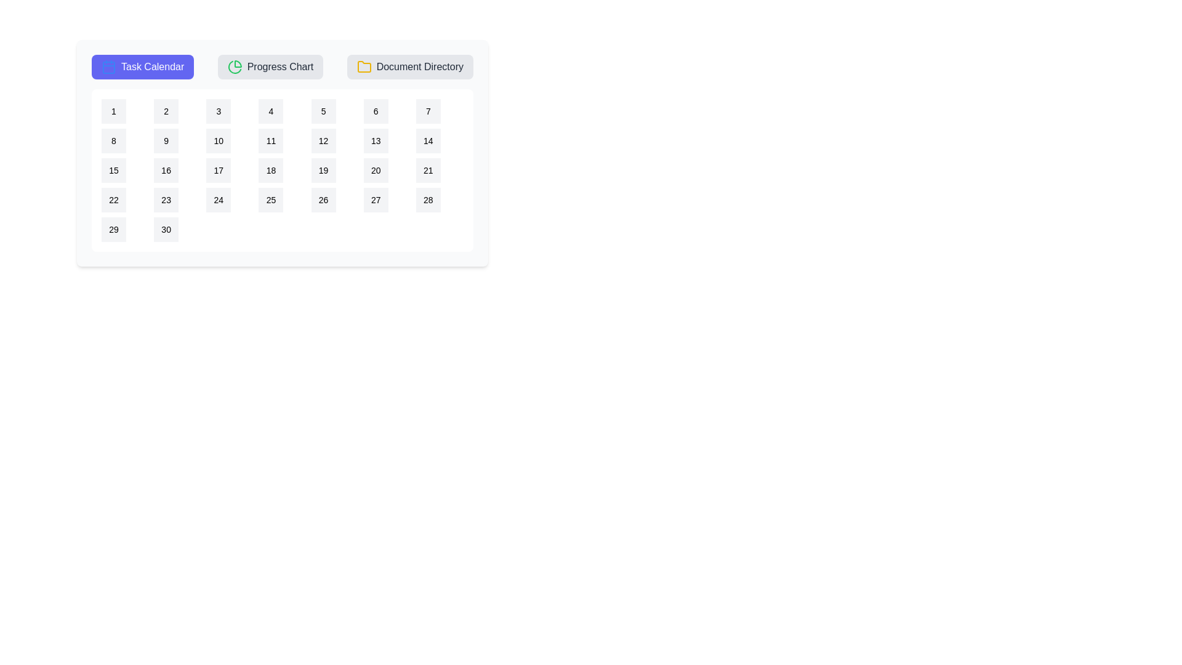 Image resolution: width=1182 pixels, height=665 pixels. What do you see at coordinates (270, 171) in the screenshot?
I see `the calendar date 18` at bounding box center [270, 171].